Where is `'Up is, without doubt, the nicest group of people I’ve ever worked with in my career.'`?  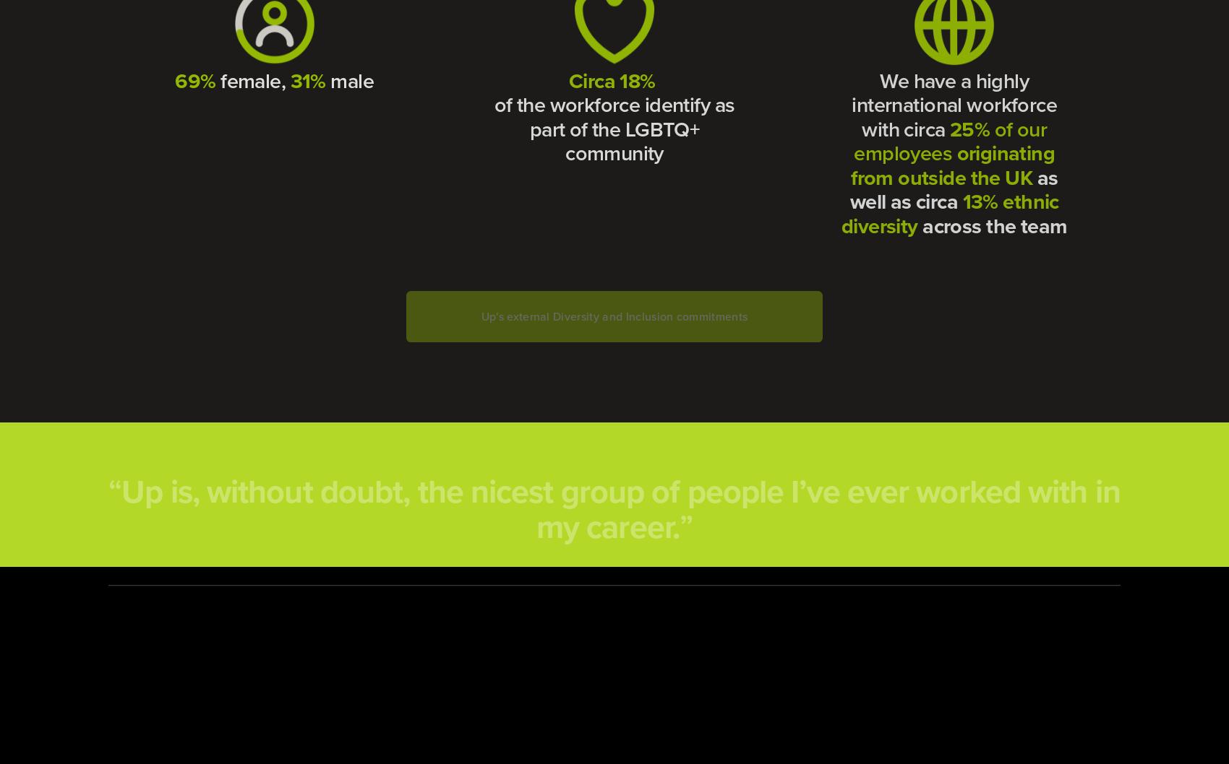
'Up is, without doubt, the nicest group of people I’ve ever worked with in my career.' is located at coordinates (624, 492).